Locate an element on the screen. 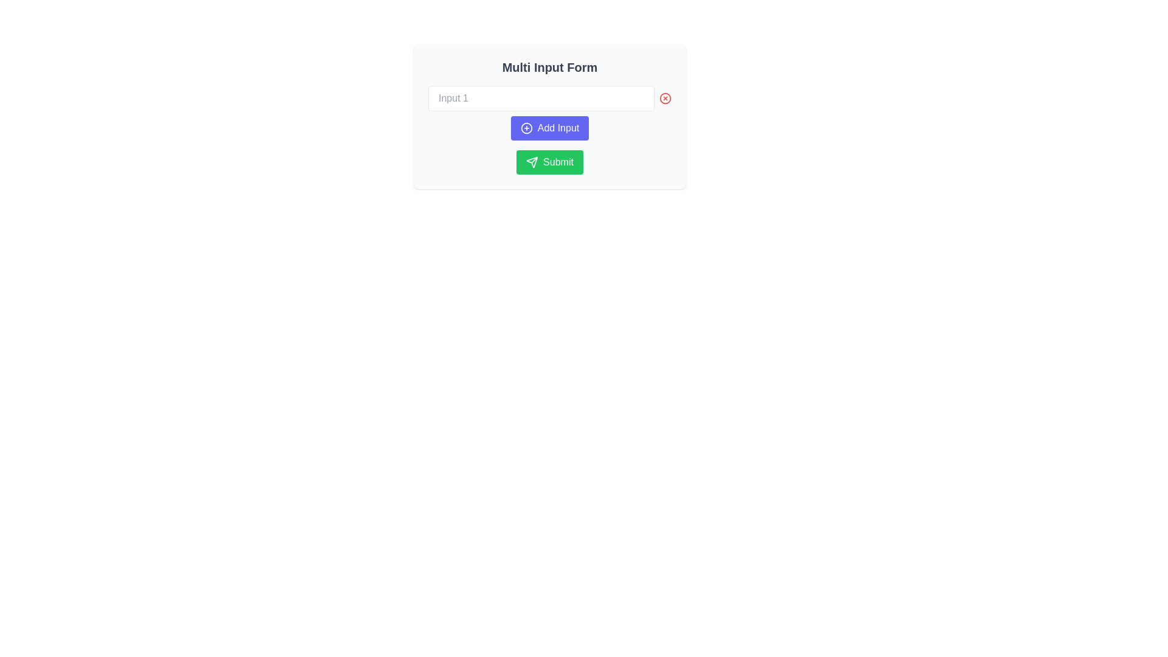  the button located in the center of the 'Multi Input Form', which is positioned below 'Input 1' and above the green 'Submit' button is located at coordinates (549, 128).